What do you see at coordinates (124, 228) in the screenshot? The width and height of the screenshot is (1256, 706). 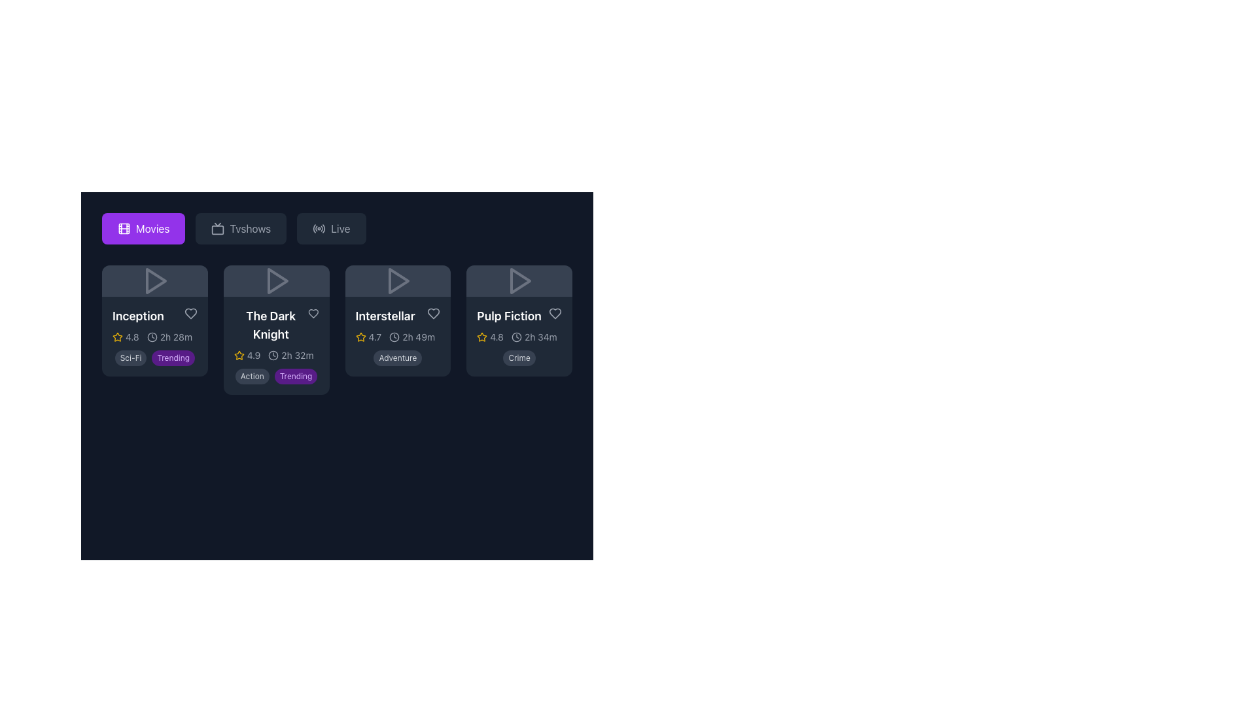 I see `the movie reel icon, which is an outlined rectangular shape with grooves, located to the left of the 'Movies' button in the upper section of the interface` at bounding box center [124, 228].